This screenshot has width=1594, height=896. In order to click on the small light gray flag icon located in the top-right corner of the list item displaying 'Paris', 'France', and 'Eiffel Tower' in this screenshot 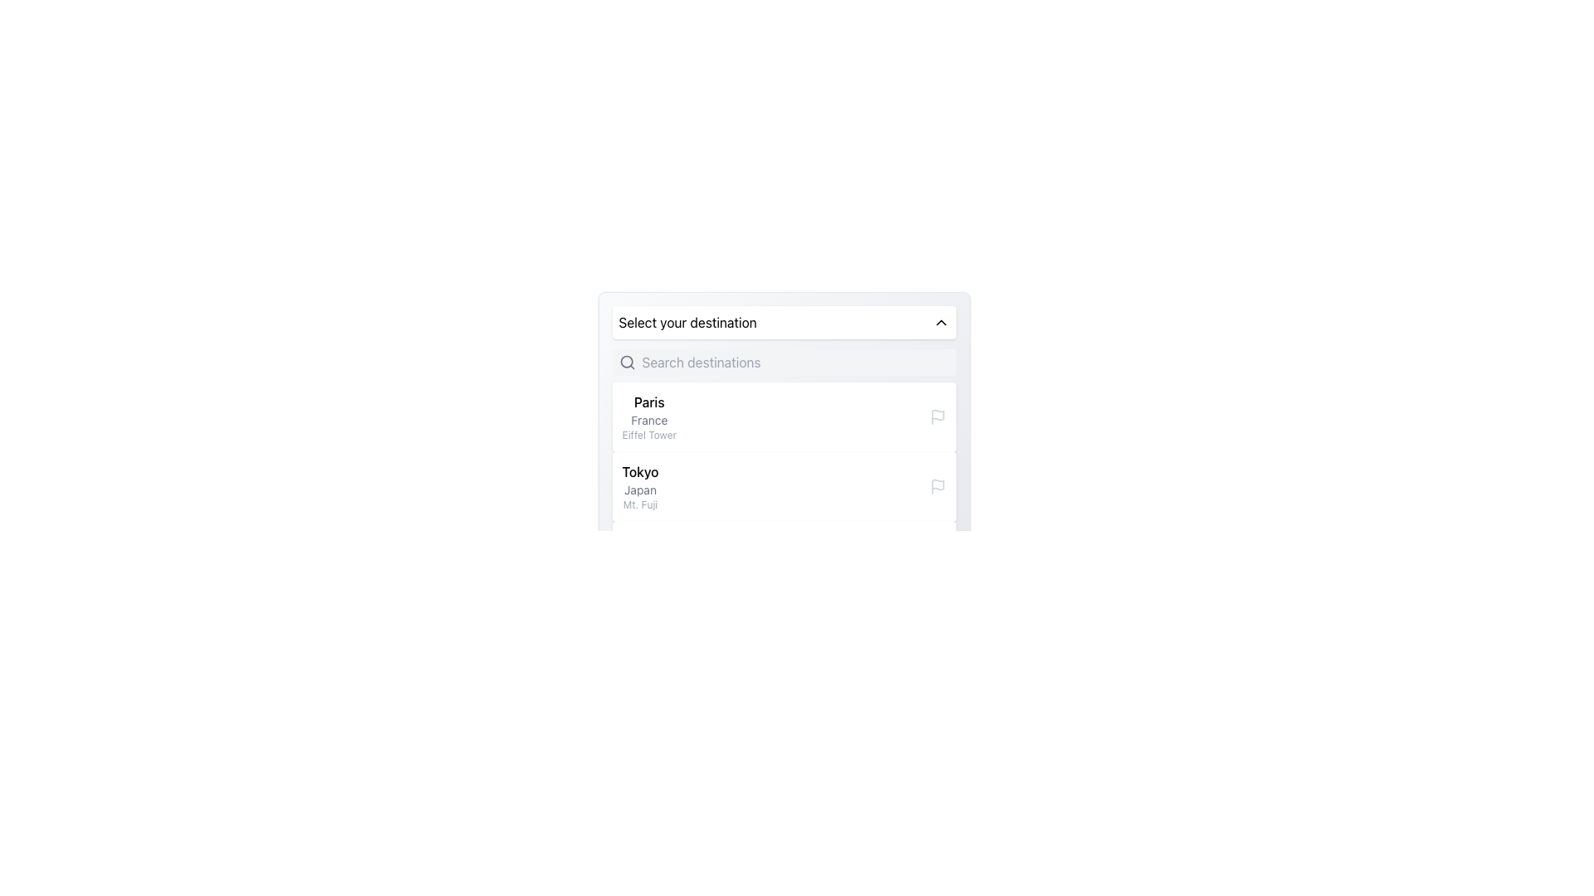, I will do `click(937, 416)`.